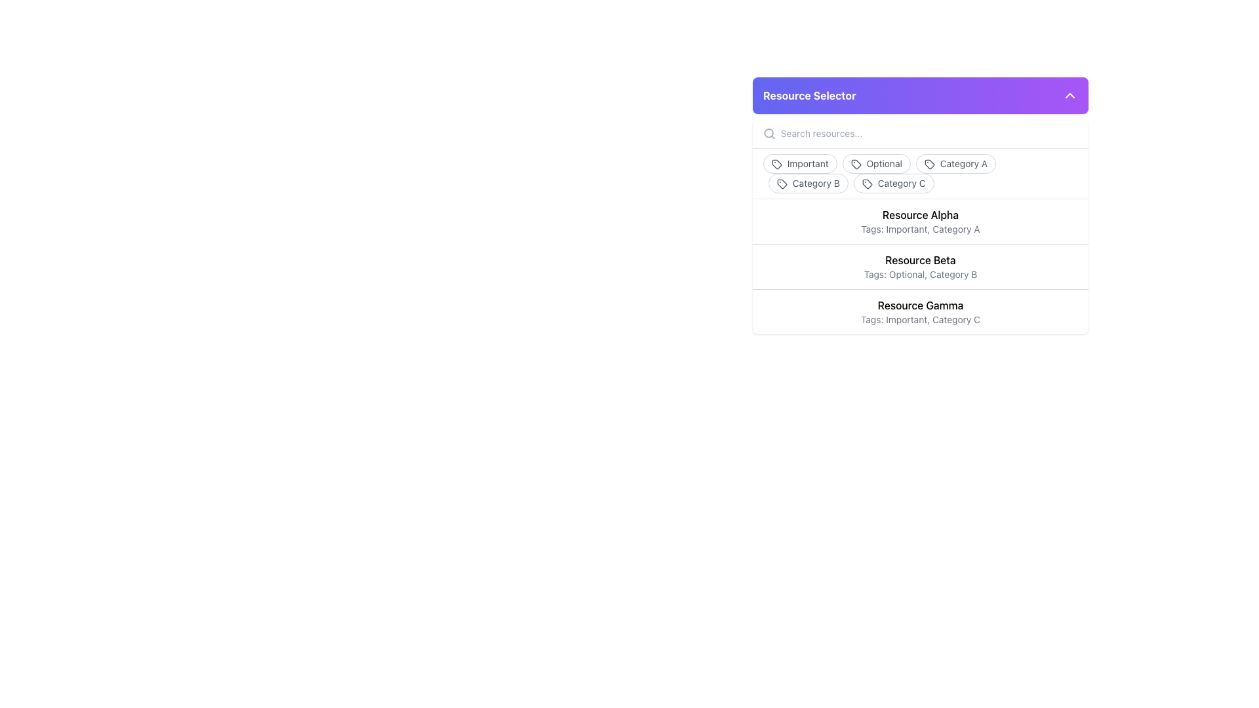 Image resolution: width=1259 pixels, height=708 pixels. I want to click on the modal interface component titled 'Resource Selector', which contains interactive buttons for filtering by tags and a search input with placeholder text 'Search resources...', so click(919, 205).